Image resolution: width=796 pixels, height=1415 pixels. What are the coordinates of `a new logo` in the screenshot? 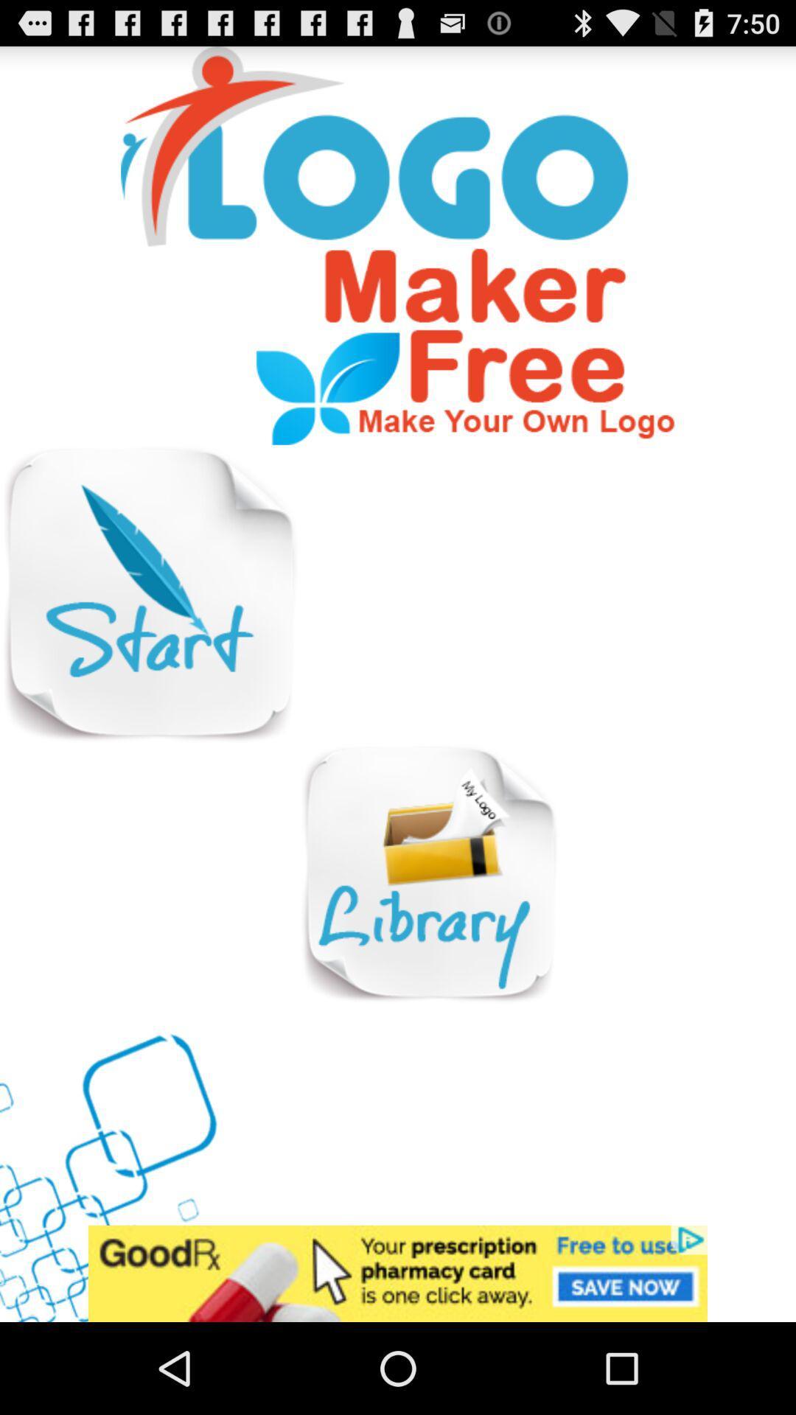 It's located at (149, 594).